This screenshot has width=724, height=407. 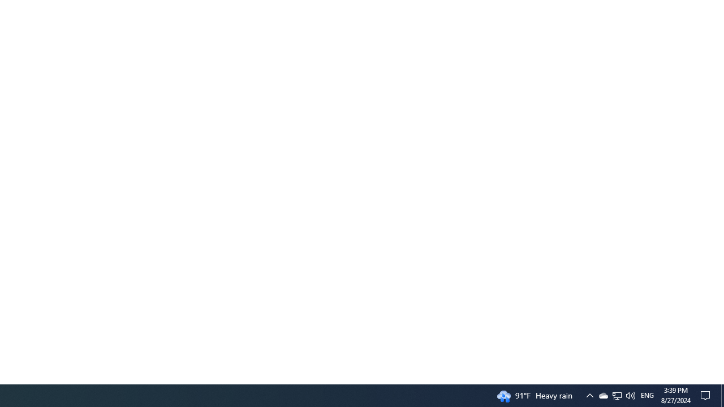 What do you see at coordinates (617, 395) in the screenshot?
I see `'Q2790: 100%'` at bounding box center [617, 395].